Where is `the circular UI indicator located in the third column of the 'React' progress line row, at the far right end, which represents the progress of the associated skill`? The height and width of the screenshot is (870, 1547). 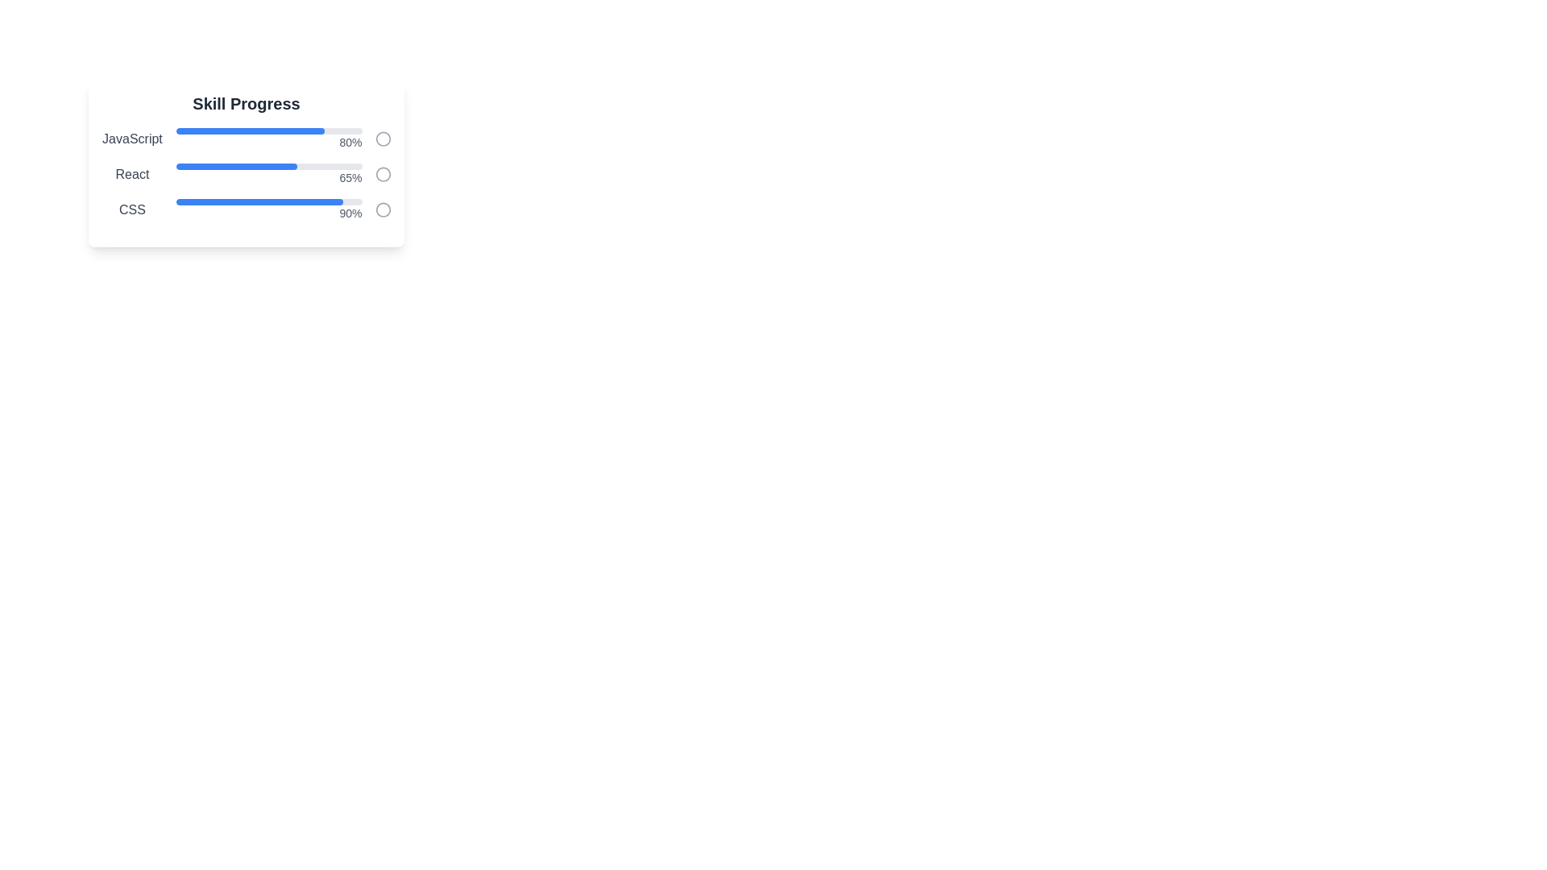 the circular UI indicator located in the third column of the 'React' progress line row, at the far right end, which represents the progress of the associated skill is located at coordinates (382, 174).